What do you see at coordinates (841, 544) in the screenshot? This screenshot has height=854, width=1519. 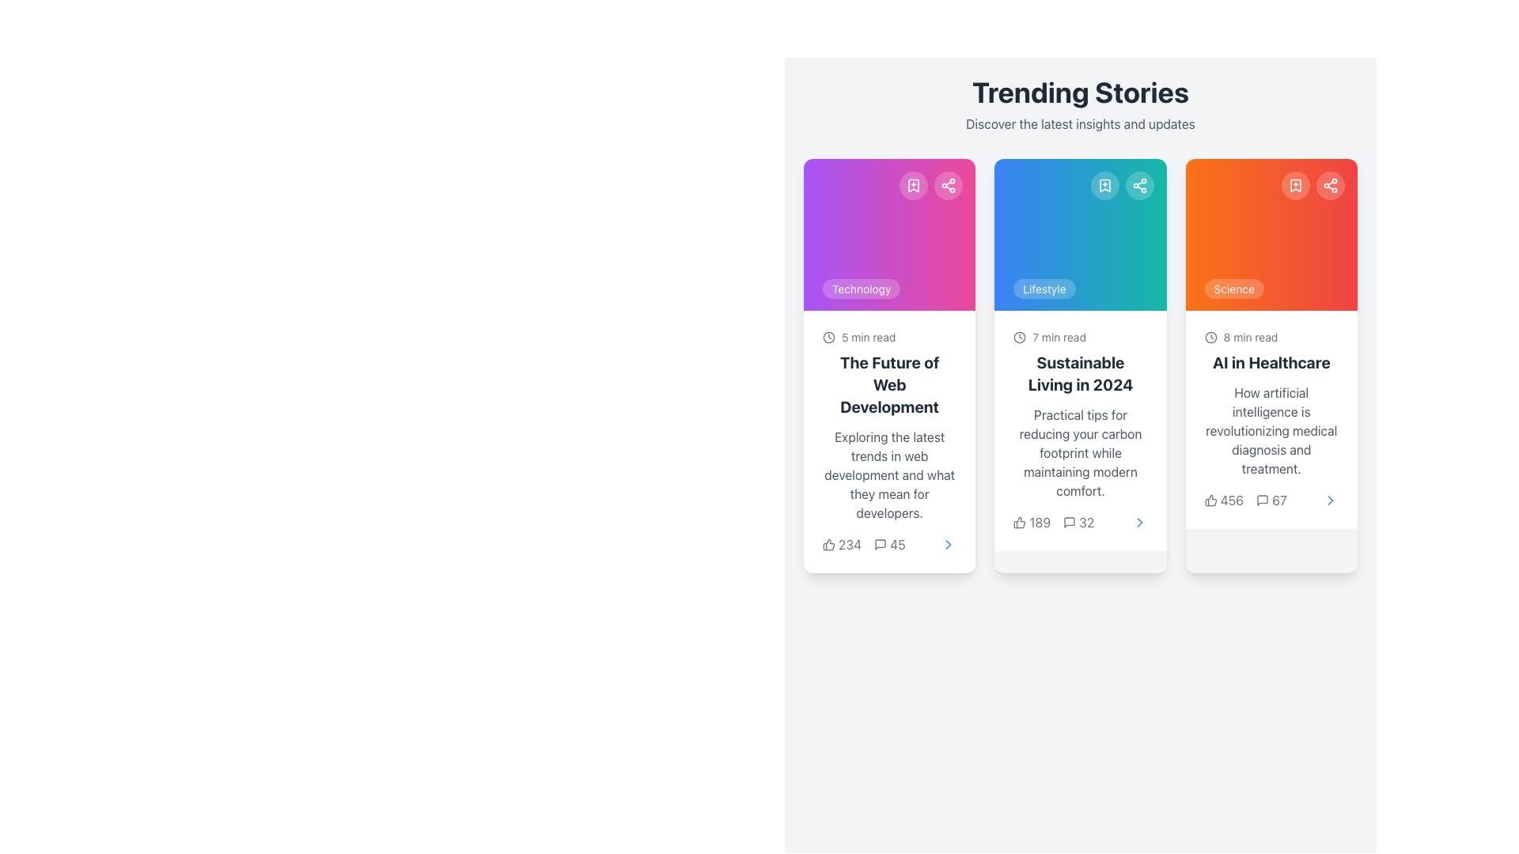 I see `the Text label with adjacent icon that indicates the number of 'likes' in the first card under the 'Trending Stories' section` at bounding box center [841, 544].